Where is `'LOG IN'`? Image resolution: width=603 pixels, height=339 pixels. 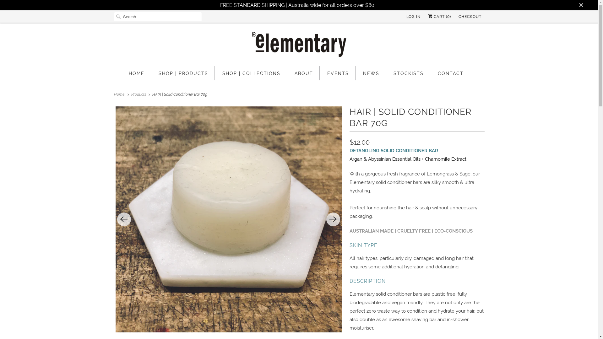
'LOG IN' is located at coordinates (413, 16).